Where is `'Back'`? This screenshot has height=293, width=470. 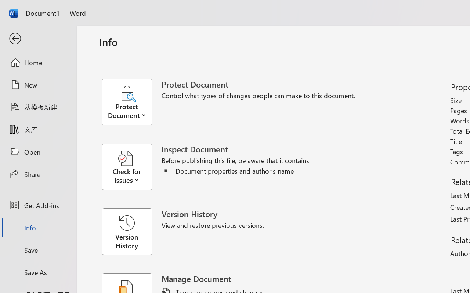
'Back' is located at coordinates (38, 38).